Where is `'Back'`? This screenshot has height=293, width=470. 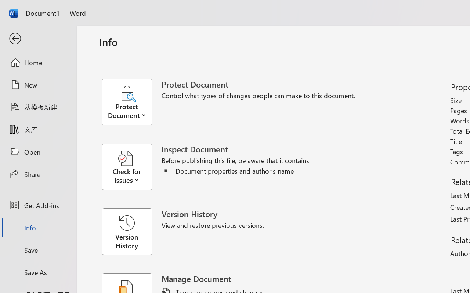
'Back' is located at coordinates (38, 38).